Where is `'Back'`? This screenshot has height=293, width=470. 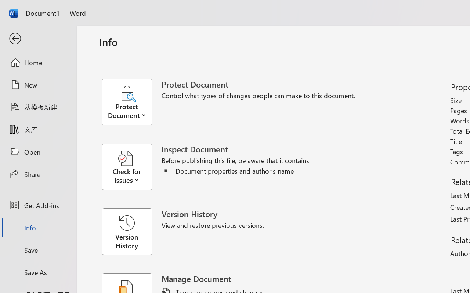
'Back' is located at coordinates (38, 38).